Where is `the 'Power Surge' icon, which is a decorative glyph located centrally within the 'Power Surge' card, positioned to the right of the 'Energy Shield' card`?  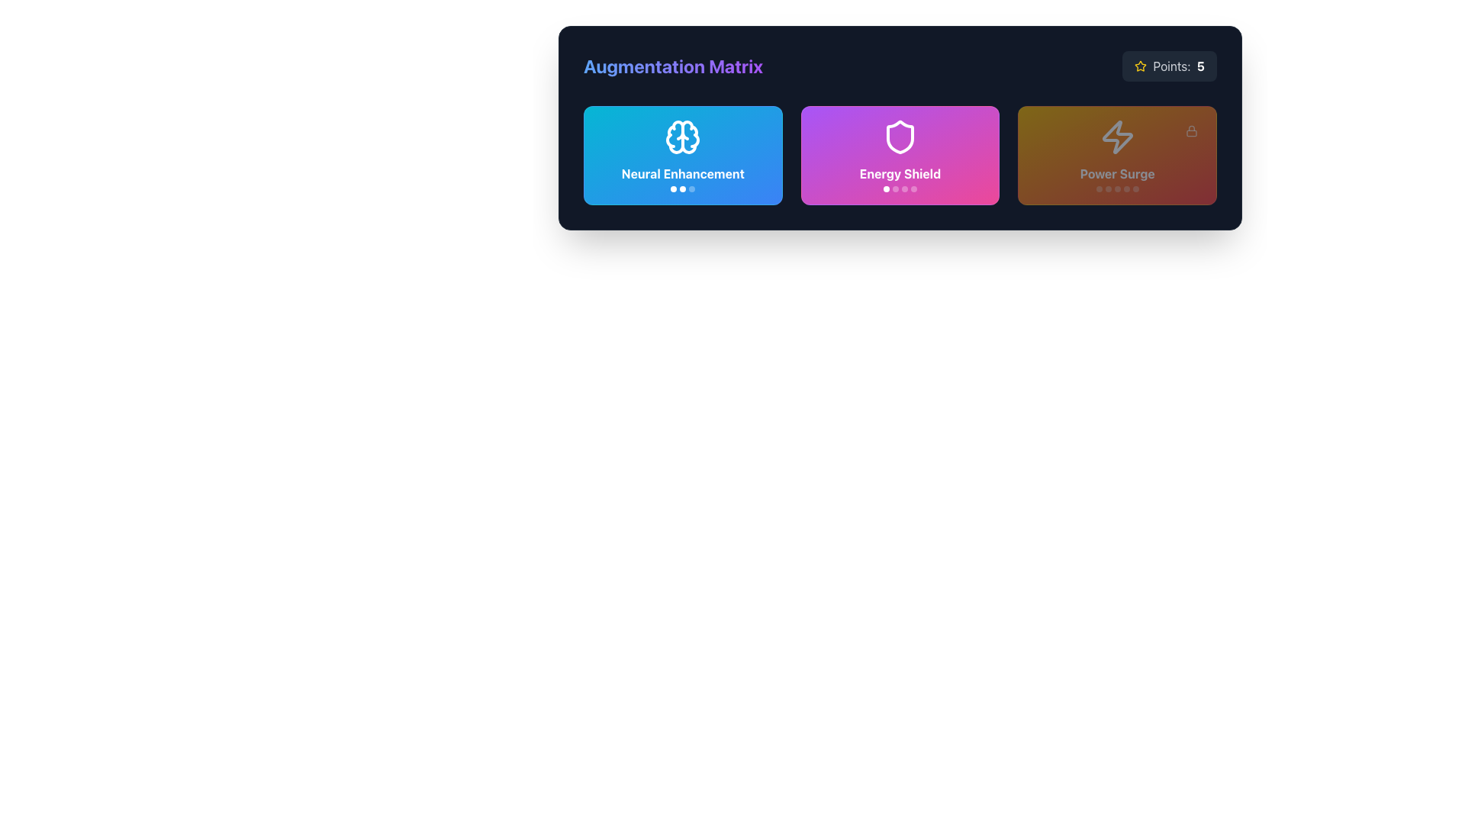
the 'Power Surge' icon, which is a decorative glyph located centrally within the 'Power Surge' card, positioned to the right of the 'Energy Shield' card is located at coordinates (1117, 137).